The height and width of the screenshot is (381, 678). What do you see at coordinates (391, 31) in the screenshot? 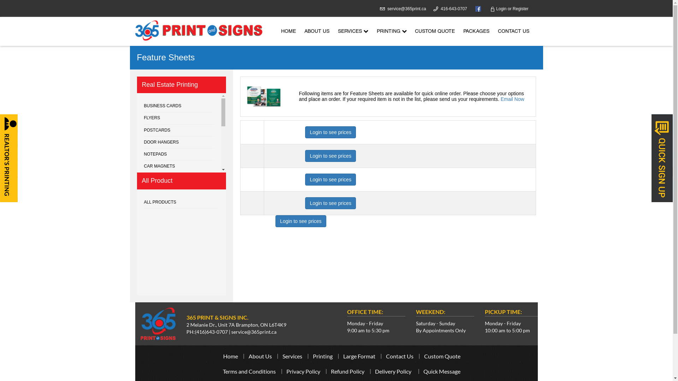
I see `'PRINTING'` at bounding box center [391, 31].